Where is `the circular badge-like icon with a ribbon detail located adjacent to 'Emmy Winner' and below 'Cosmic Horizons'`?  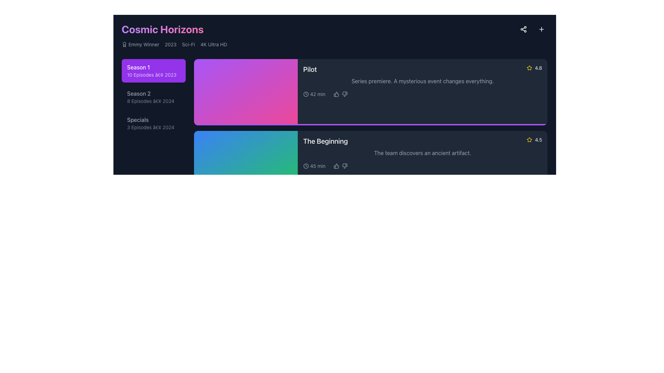
the circular badge-like icon with a ribbon detail located adjacent to 'Emmy Winner' and below 'Cosmic Horizons' is located at coordinates (124, 44).